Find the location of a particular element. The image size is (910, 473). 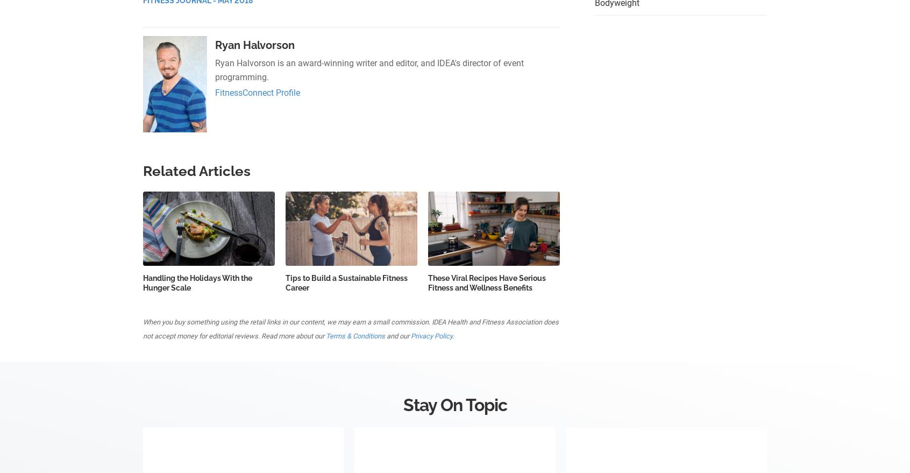

'Ryan Halvorson is an award-winning writer and editor, and IDEA's director of event programming.' is located at coordinates (369, 70).